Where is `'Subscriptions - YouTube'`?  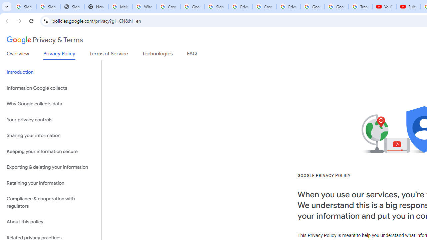
'Subscriptions - YouTube' is located at coordinates (408, 7).